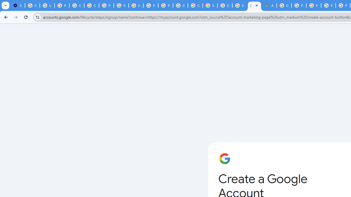 This screenshot has height=197, width=351. What do you see at coordinates (18, 5) in the screenshot?
I see `'Settings - Performance'` at bounding box center [18, 5].